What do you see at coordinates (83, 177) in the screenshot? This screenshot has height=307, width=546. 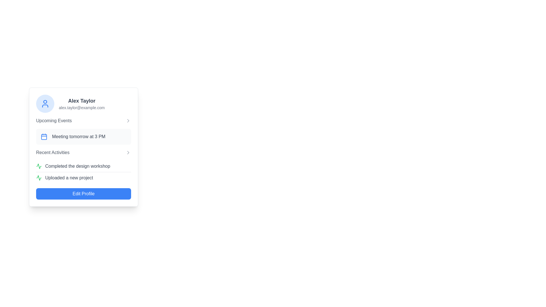 I see `text component that displays 'Uploaded a new project', which is the second item in the 'Recent Activities' section of the profile card` at bounding box center [83, 177].